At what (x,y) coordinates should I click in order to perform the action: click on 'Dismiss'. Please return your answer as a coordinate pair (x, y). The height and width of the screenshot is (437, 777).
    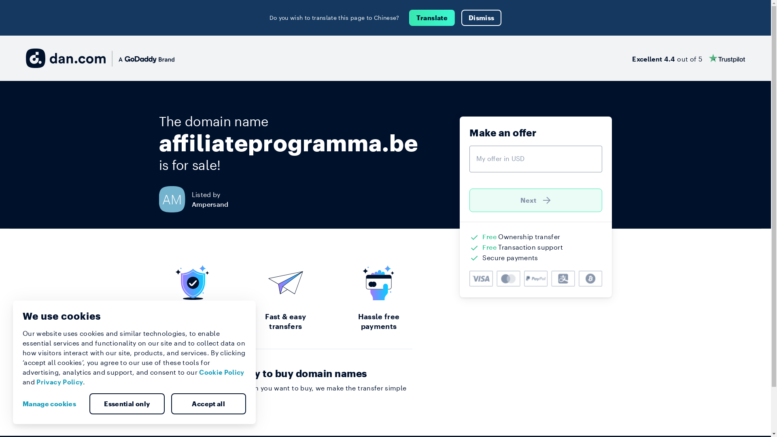
    Looking at the image, I should click on (461, 17).